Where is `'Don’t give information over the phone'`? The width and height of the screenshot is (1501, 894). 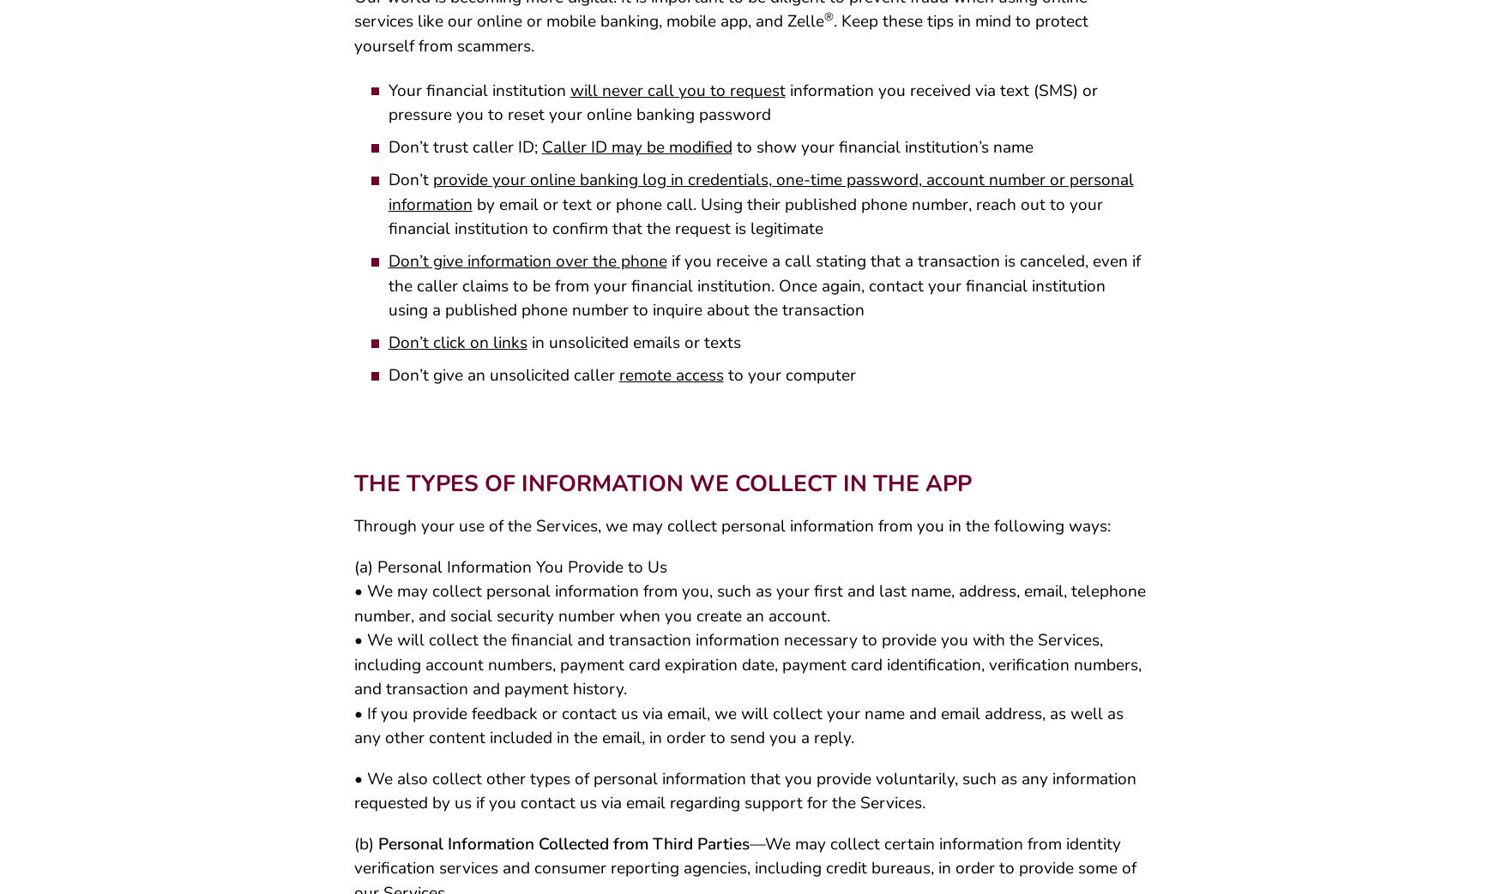
'Don’t give information over the phone' is located at coordinates (527, 267).